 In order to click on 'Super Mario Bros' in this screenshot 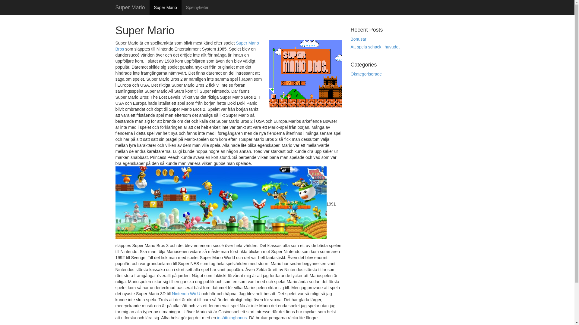, I will do `click(186, 46)`.